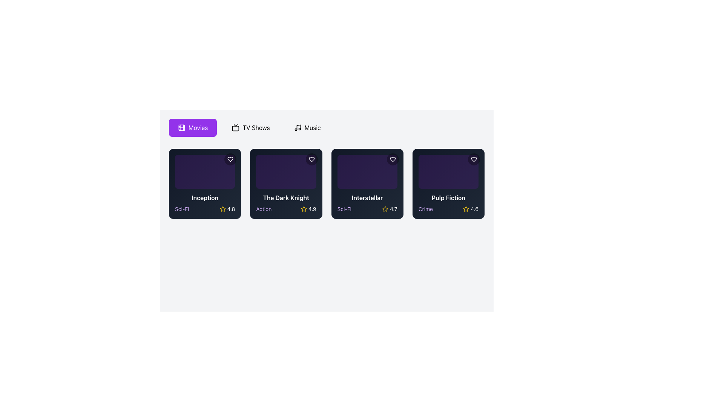  Describe the element at coordinates (308, 209) in the screenshot. I see `the Rating indicator element displaying a yellow star icon and the numeric value '4.9' for the movie 'The Dark Knight'` at that location.